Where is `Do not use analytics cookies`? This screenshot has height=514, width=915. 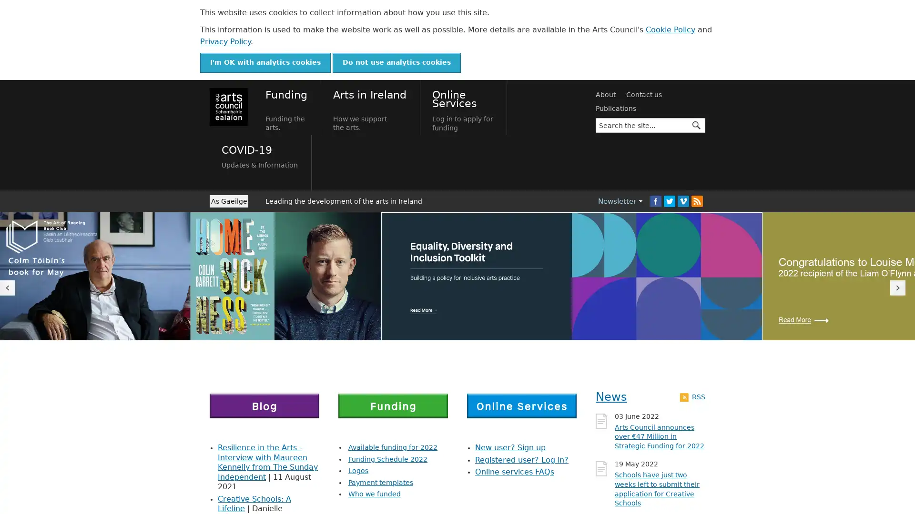 Do not use analytics cookies is located at coordinates (396, 62).